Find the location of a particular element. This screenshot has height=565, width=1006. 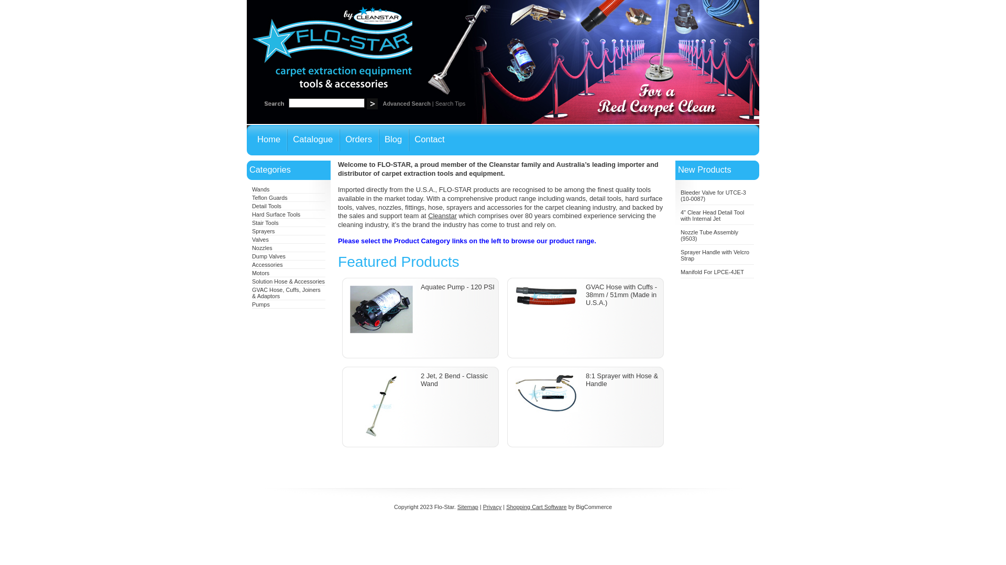

'Valves' is located at coordinates (260, 240).